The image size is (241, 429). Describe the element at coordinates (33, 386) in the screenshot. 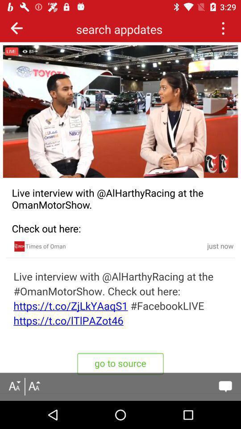

I see `the font icon` at that location.